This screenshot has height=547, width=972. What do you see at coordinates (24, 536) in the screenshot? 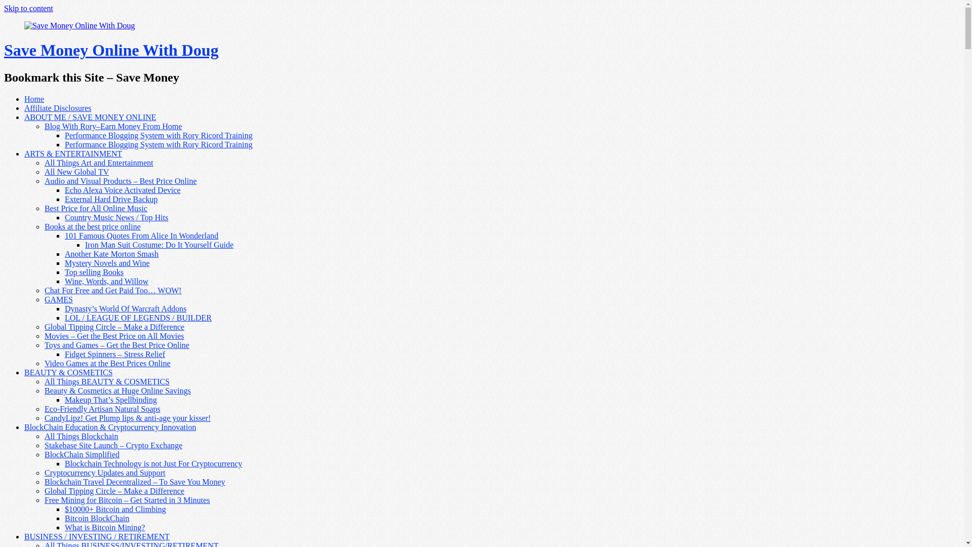
I see `'BUSINESS / INVESTING / RETIREMENT'` at bounding box center [24, 536].